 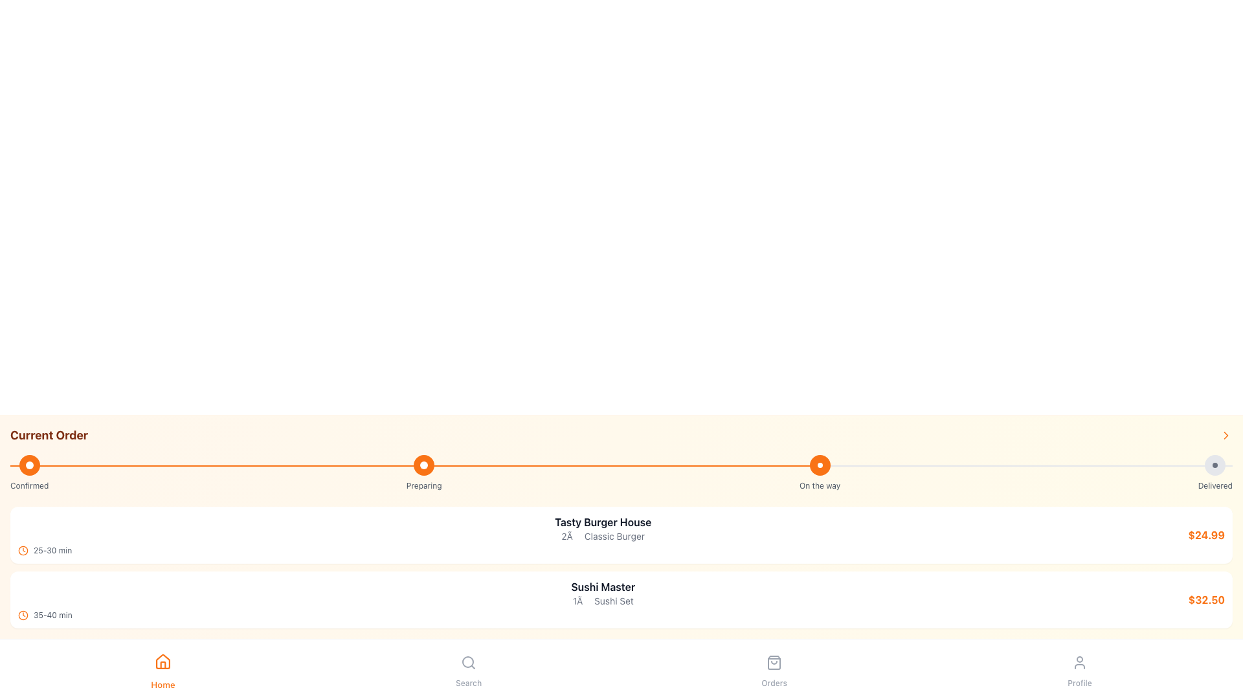 What do you see at coordinates (602, 535) in the screenshot?
I see `text details from the 'Tasty Burger House' element, which includes the title, order detail '2× Classic Burger', and timing information '25-30 min' with a clock icon` at bounding box center [602, 535].